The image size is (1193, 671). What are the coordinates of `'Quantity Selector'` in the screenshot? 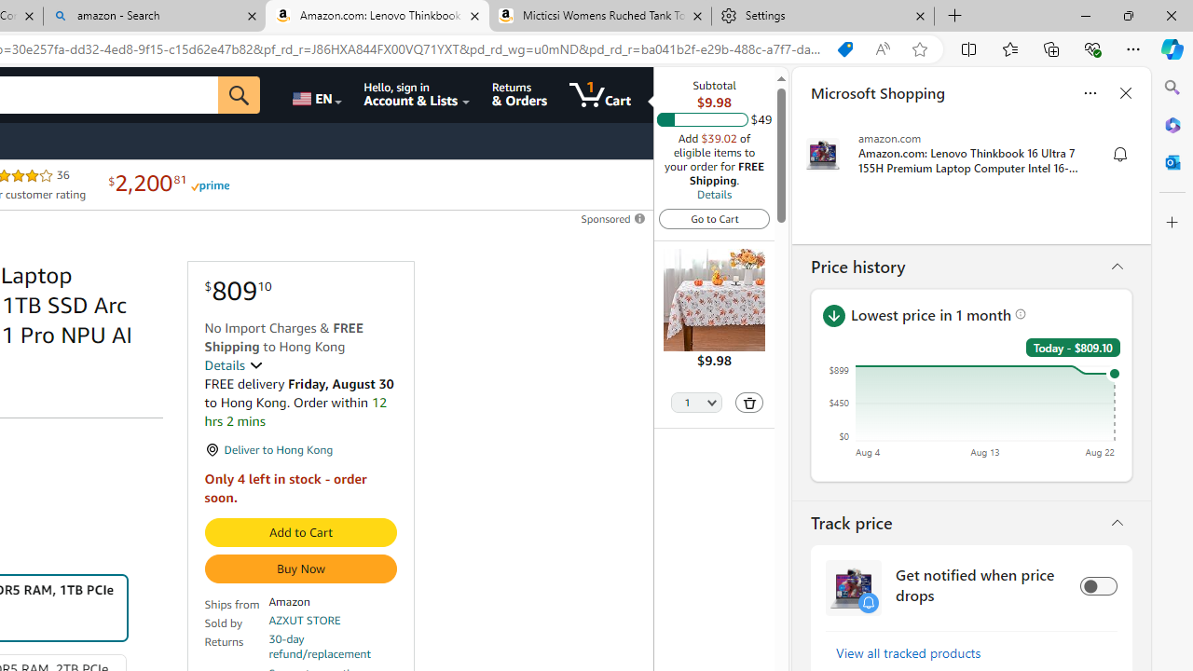 It's located at (695, 403).